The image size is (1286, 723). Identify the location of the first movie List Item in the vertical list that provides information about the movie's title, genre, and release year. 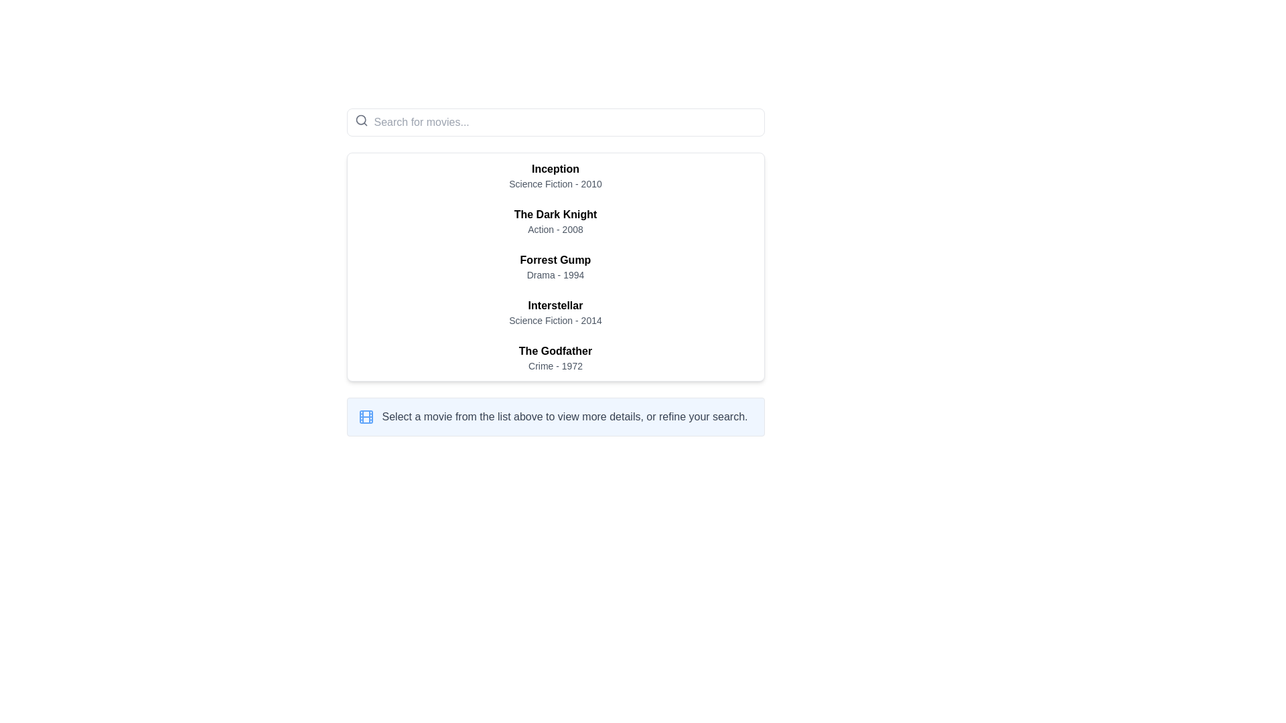
(555, 175).